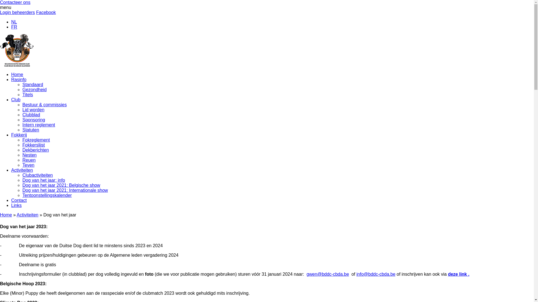 The height and width of the screenshot is (302, 538). What do you see at coordinates (11, 79) in the screenshot?
I see `'Rasinfo'` at bounding box center [11, 79].